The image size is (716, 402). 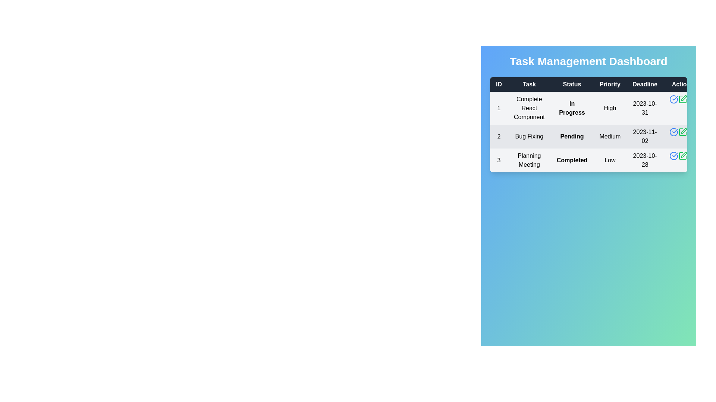 What do you see at coordinates (673, 131) in the screenshot?
I see `the 'view details' icon for task 2` at bounding box center [673, 131].